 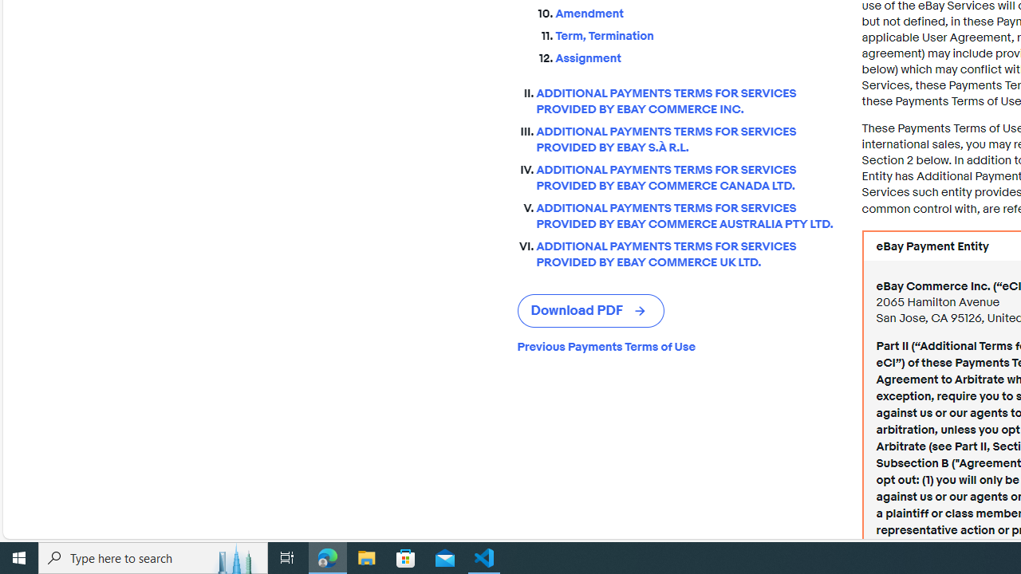 What do you see at coordinates (696, 36) in the screenshot?
I see `'Term, Termination'` at bounding box center [696, 36].